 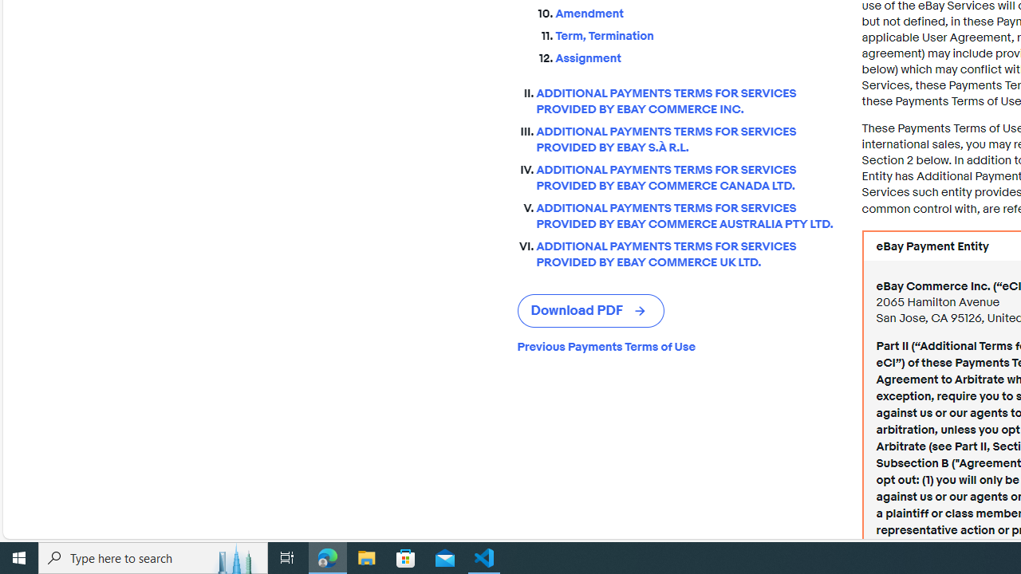 What do you see at coordinates (696, 36) in the screenshot?
I see `'Term, Termination'` at bounding box center [696, 36].